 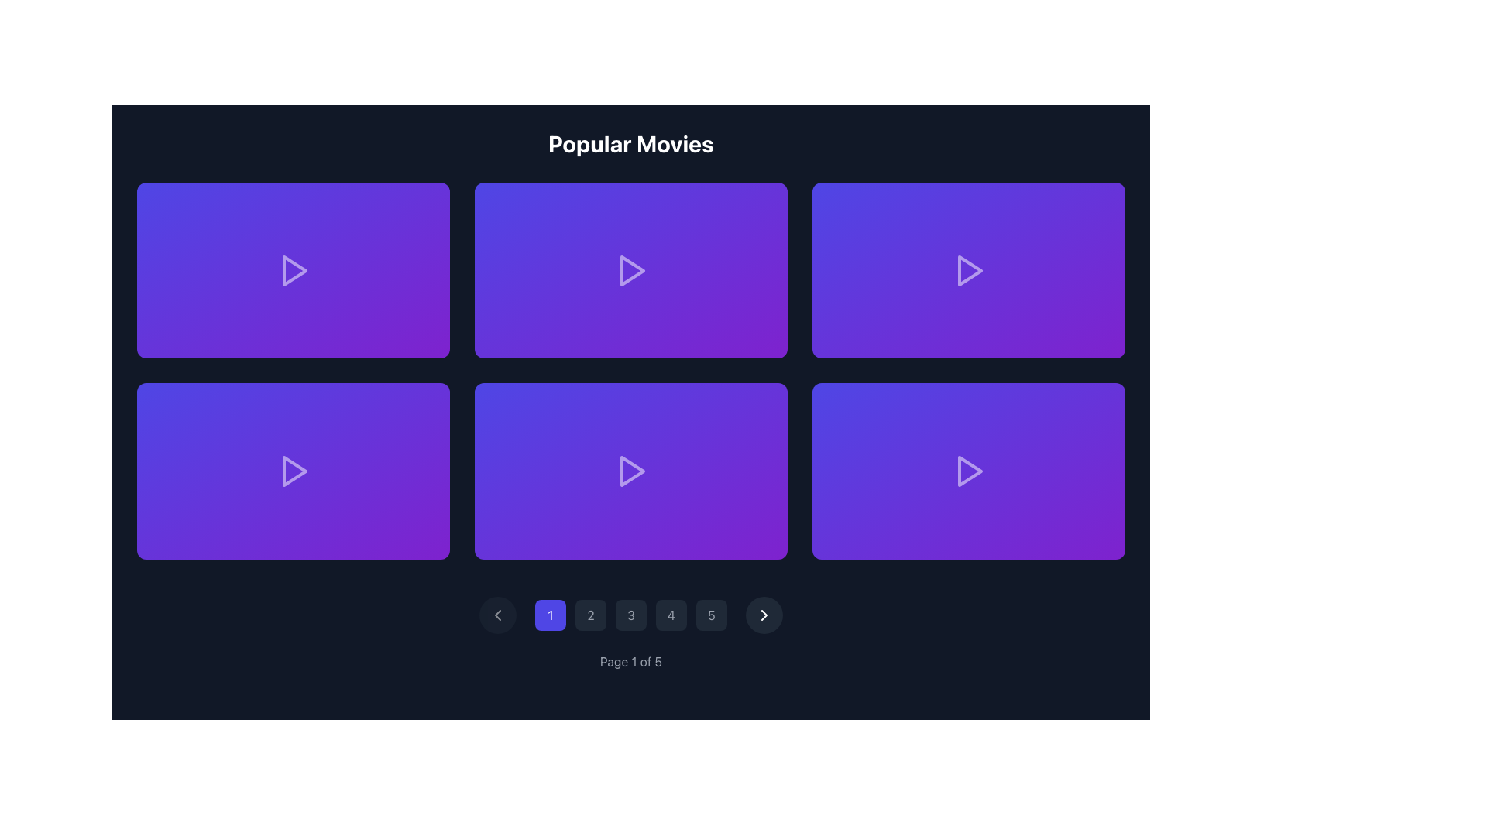 What do you see at coordinates (968, 269) in the screenshot?
I see `the play button on the Media card located in the top-right corner of the grid` at bounding box center [968, 269].